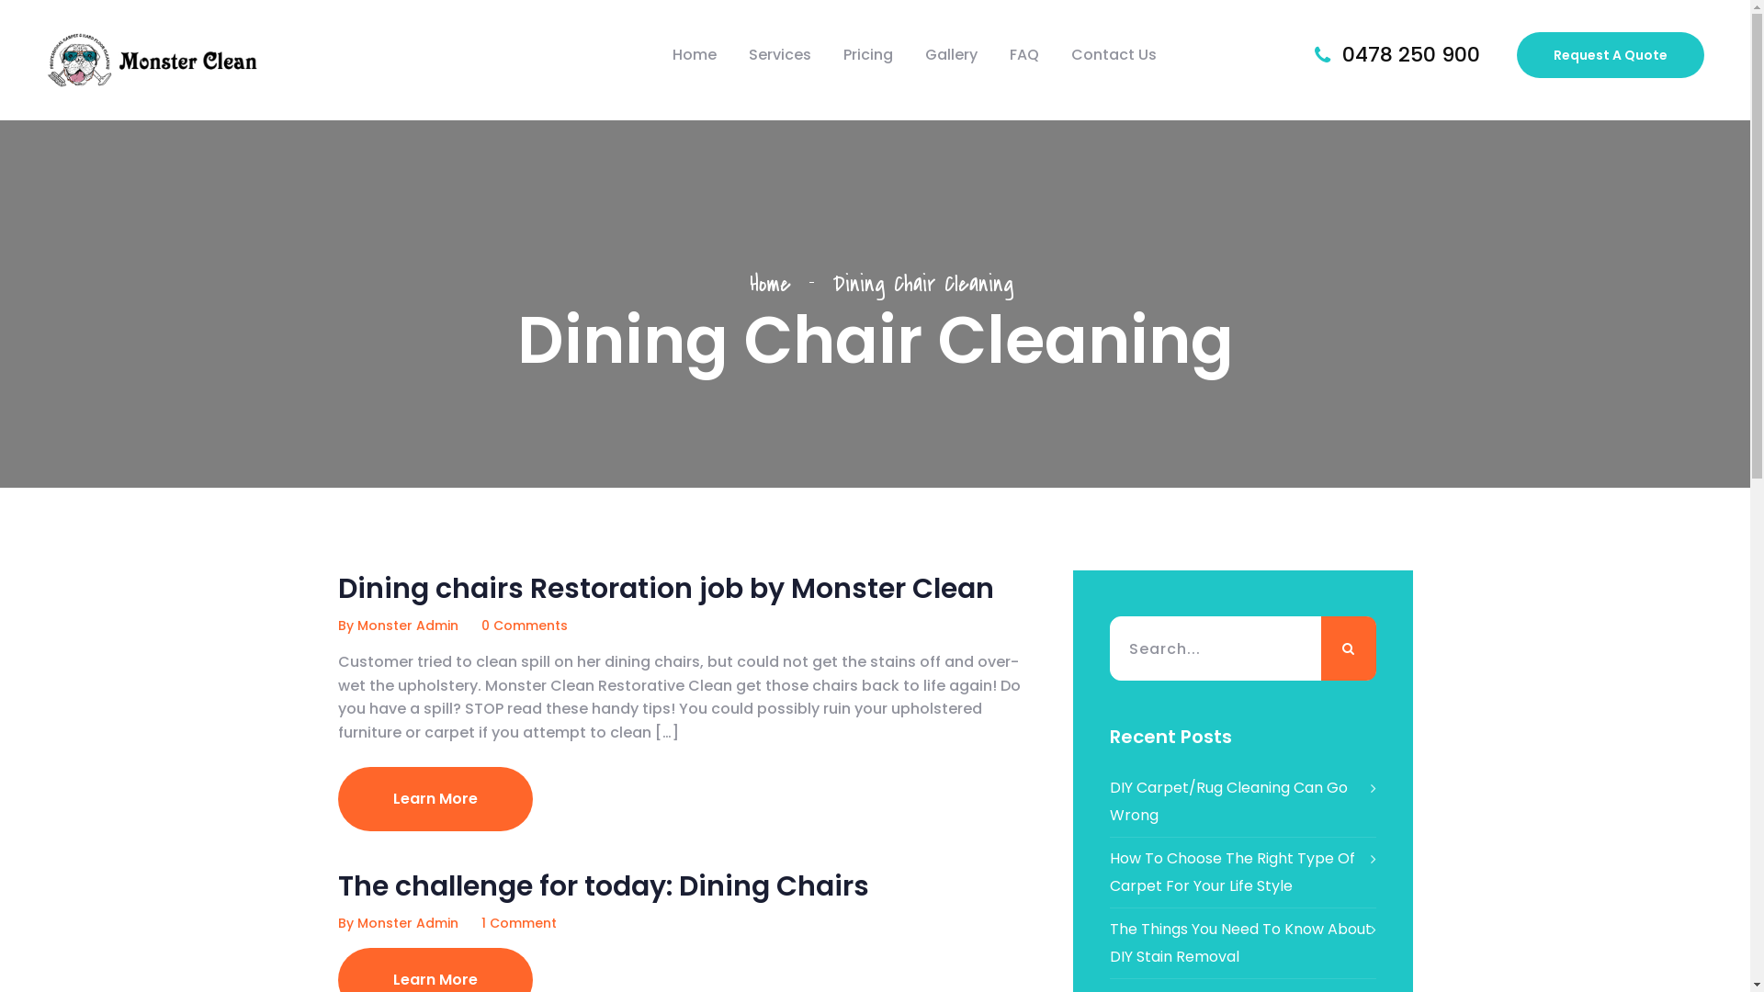  I want to click on 'How To Choose The Right Type Of Carpet For Your Life Style', so click(1243, 871).